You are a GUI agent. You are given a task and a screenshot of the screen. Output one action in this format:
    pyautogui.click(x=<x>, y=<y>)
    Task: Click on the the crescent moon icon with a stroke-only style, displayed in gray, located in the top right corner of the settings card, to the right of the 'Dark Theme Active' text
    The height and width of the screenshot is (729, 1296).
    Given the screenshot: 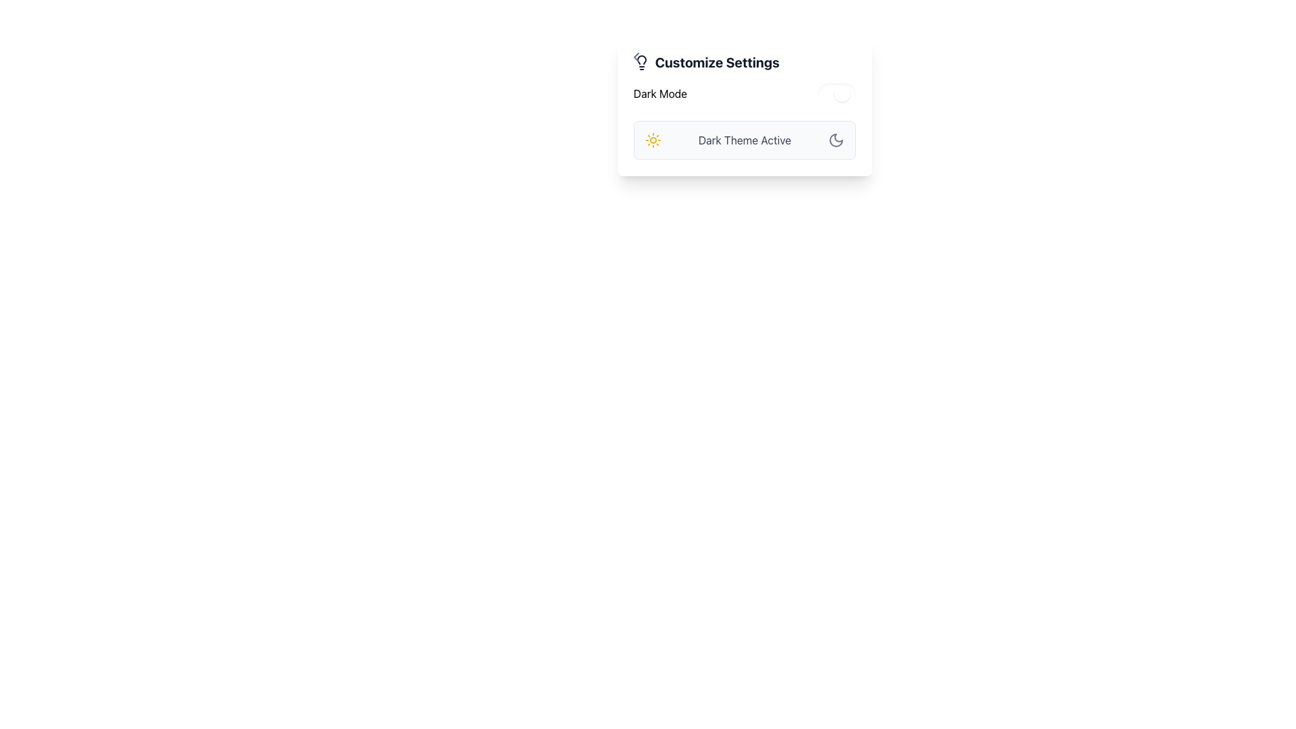 What is the action you would take?
    pyautogui.click(x=836, y=140)
    